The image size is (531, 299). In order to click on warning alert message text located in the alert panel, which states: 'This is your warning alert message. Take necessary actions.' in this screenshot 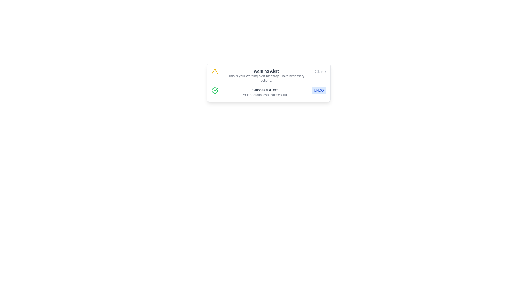, I will do `click(266, 78)`.